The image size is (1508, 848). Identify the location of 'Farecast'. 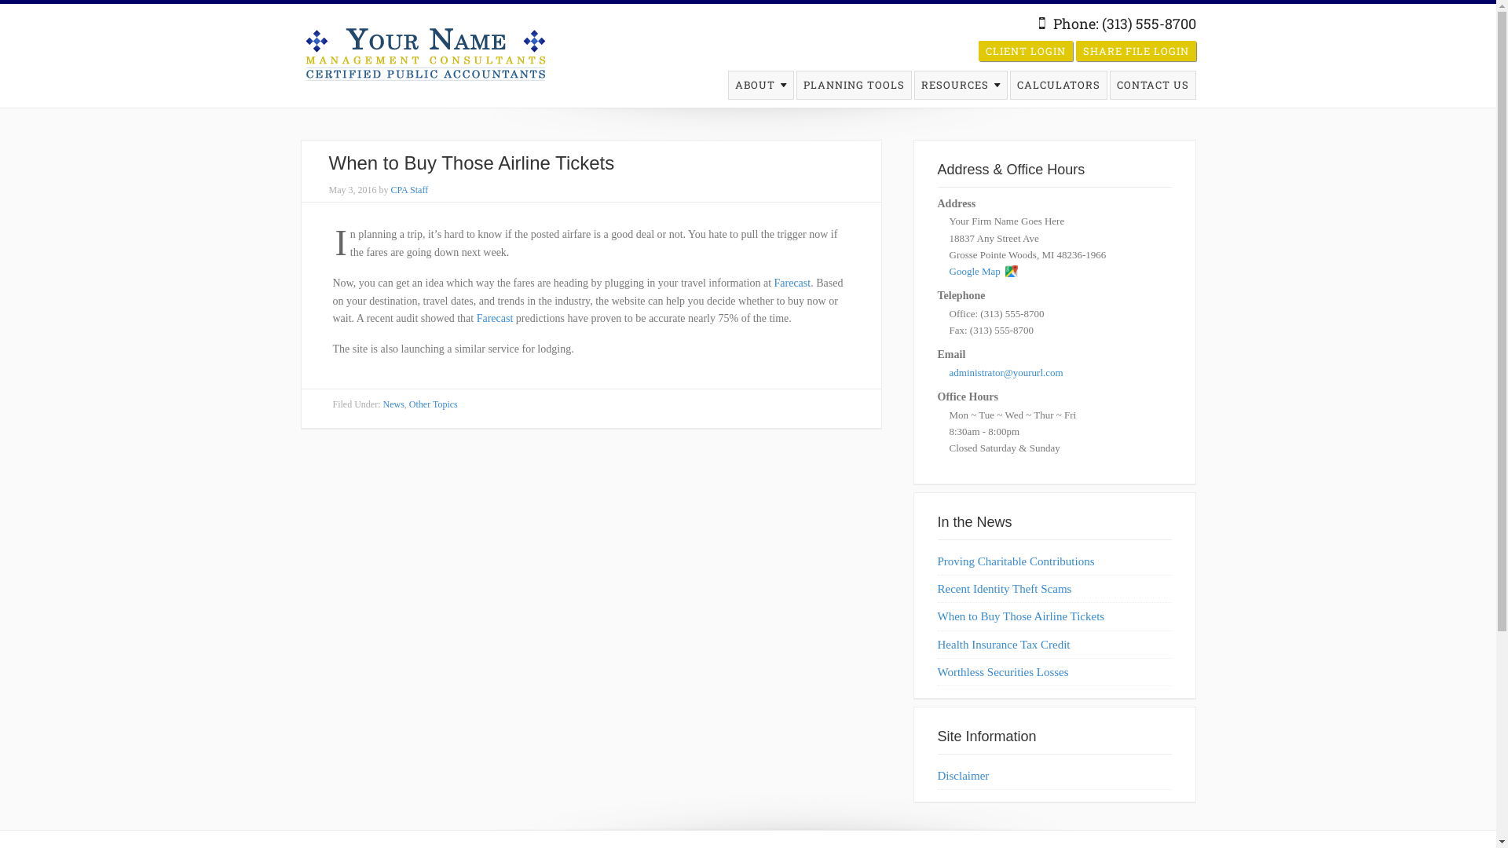
(494, 318).